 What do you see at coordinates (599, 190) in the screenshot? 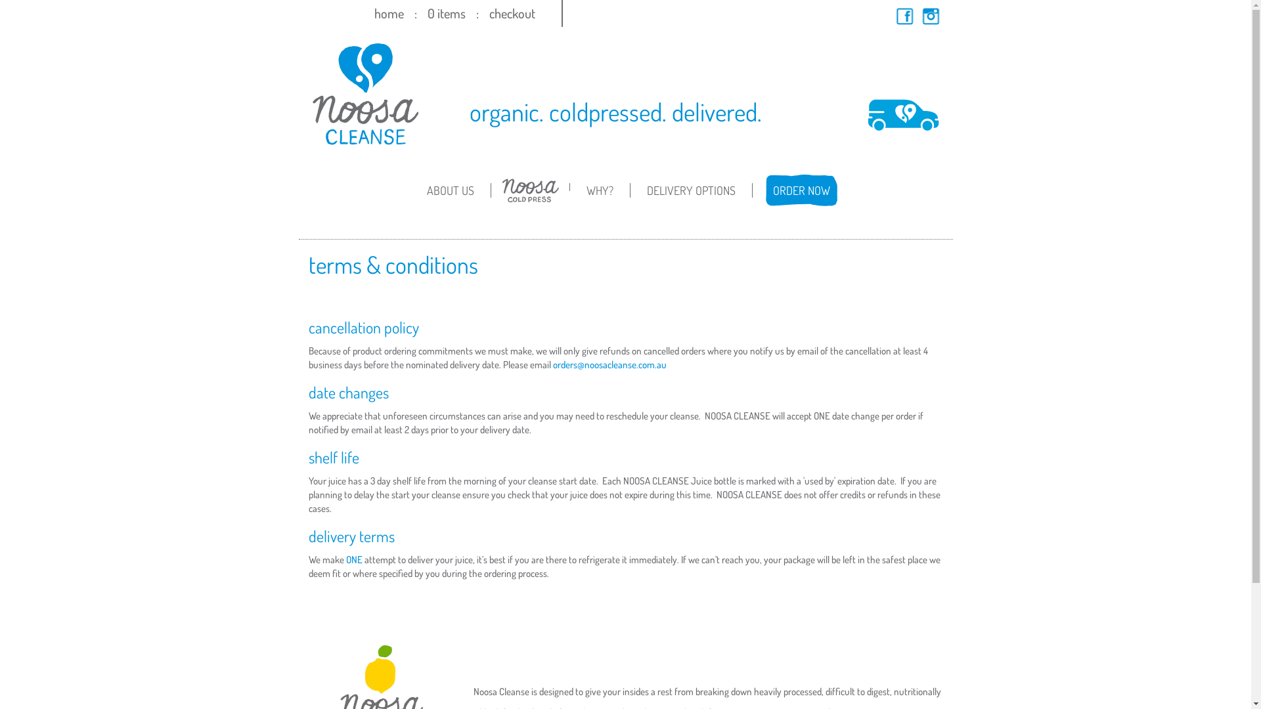
I see `'WHY?'` at bounding box center [599, 190].